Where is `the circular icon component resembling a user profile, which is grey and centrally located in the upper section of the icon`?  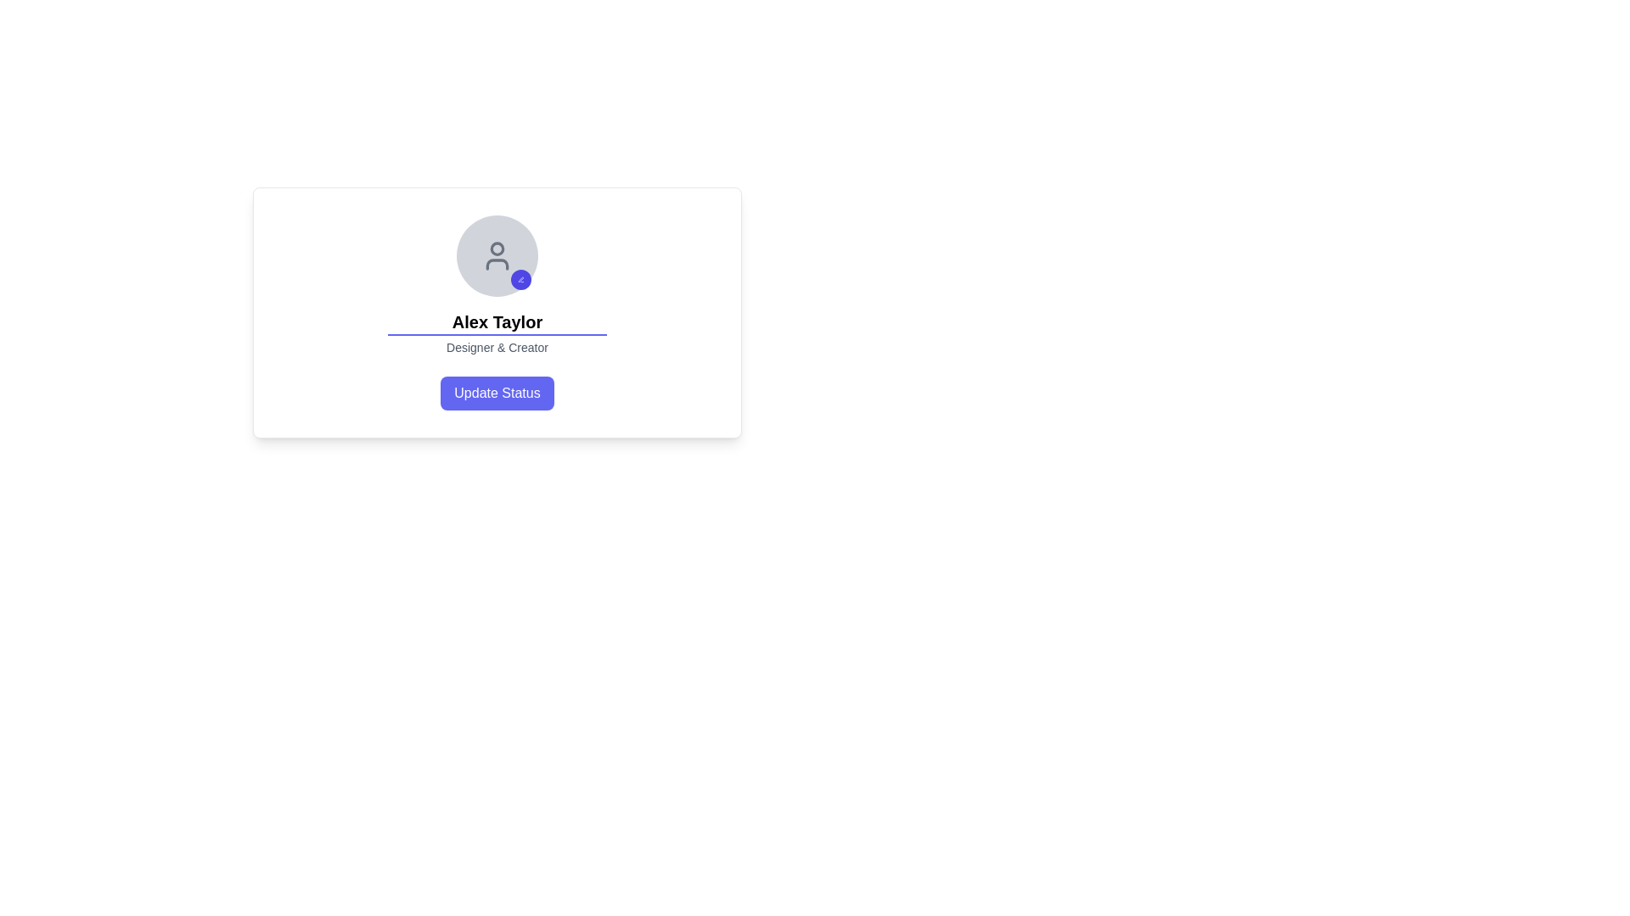
the circular icon component resembling a user profile, which is grey and centrally located in the upper section of the icon is located at coordinates (496, 249).